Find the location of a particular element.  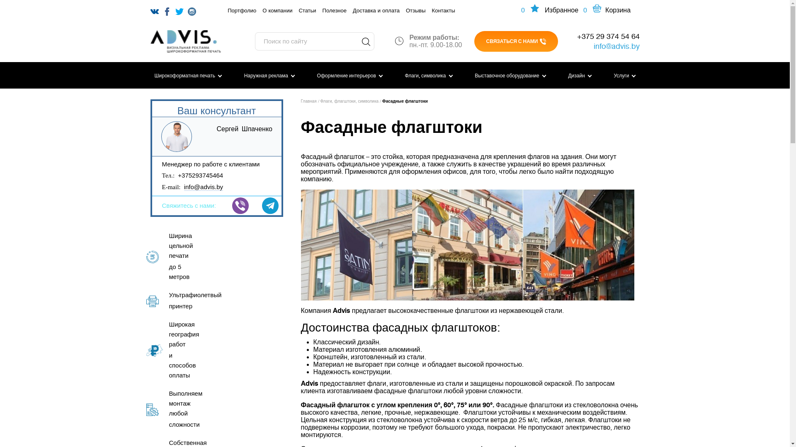

'info@advis.by' is located at coordinates (203, 187).